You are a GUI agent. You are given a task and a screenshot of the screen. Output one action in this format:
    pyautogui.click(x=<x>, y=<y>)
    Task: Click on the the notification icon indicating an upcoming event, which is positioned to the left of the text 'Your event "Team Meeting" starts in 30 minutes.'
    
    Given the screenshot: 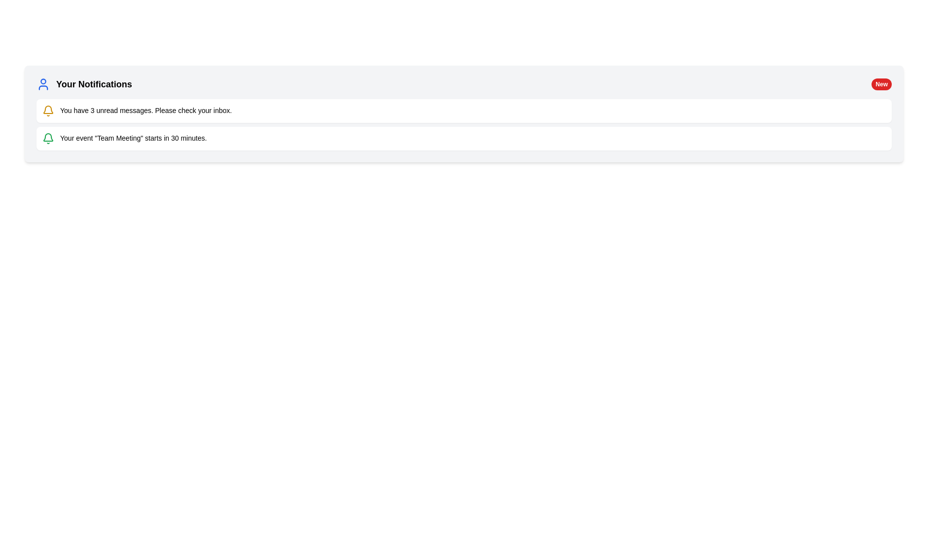 What is the action you would take?
    pyautogui.click(x=47, y=139)
    